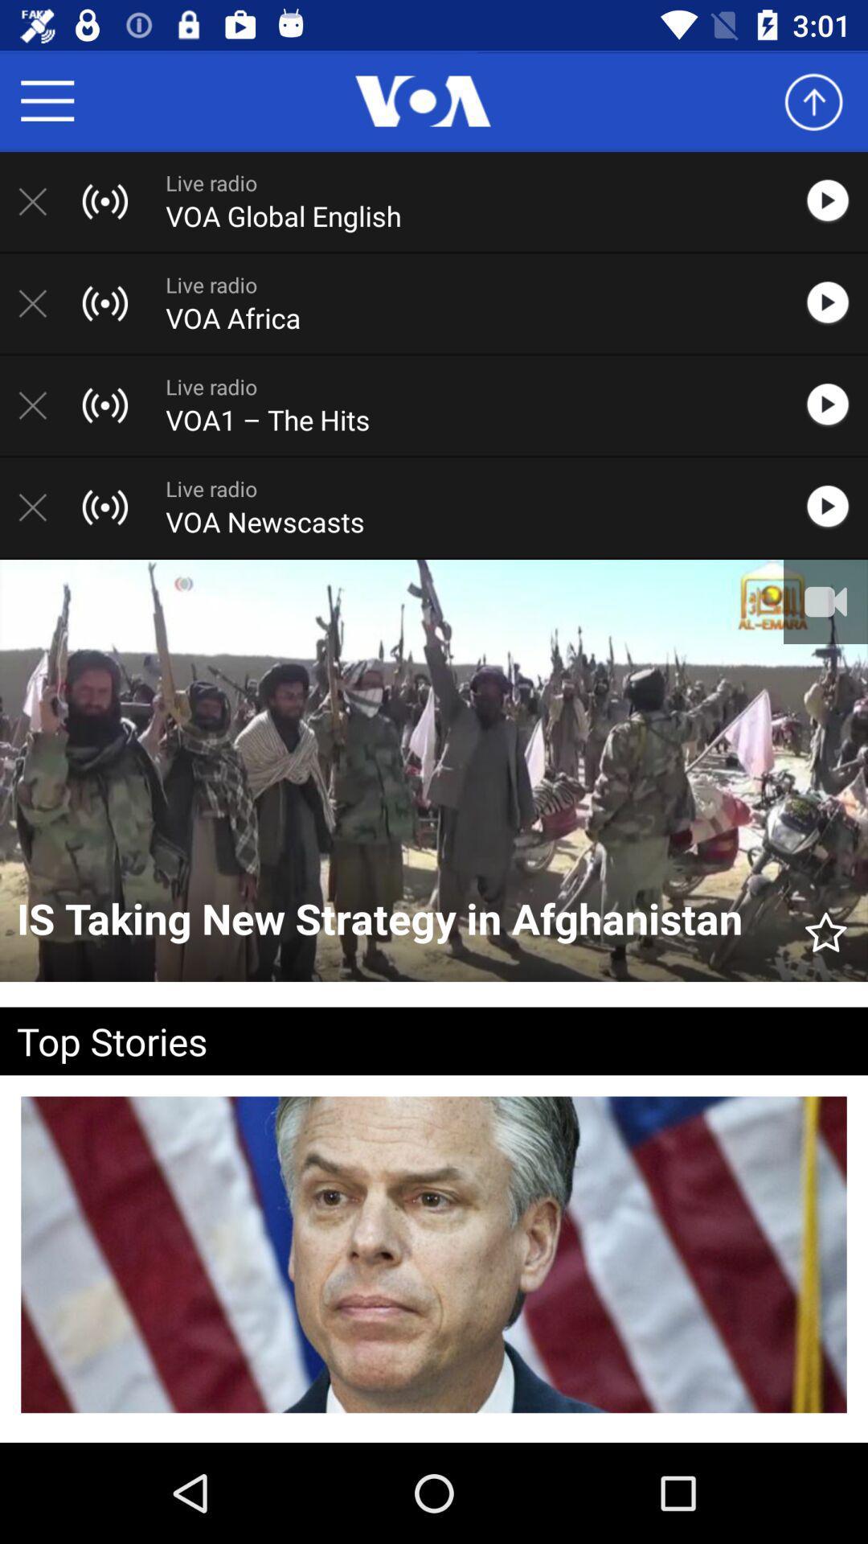 Image resolution: width=868 pixels, height=1544 pixels. Describe the element at coordinates (40, 507) in the screenshot. I see `the close icon` at that location.